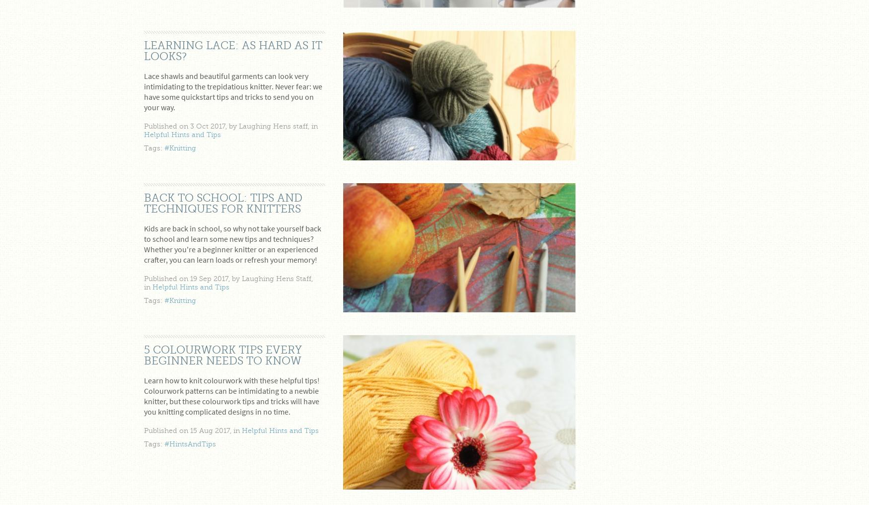  I want to click on 'Published on 19 Sep 2017, by Laughing Hens Staff, in', so click(228, 283).